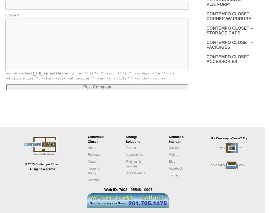 The width and height of the screenshot is (270, 213). I want to click on 'Storage Solutions', so click(133, 139).